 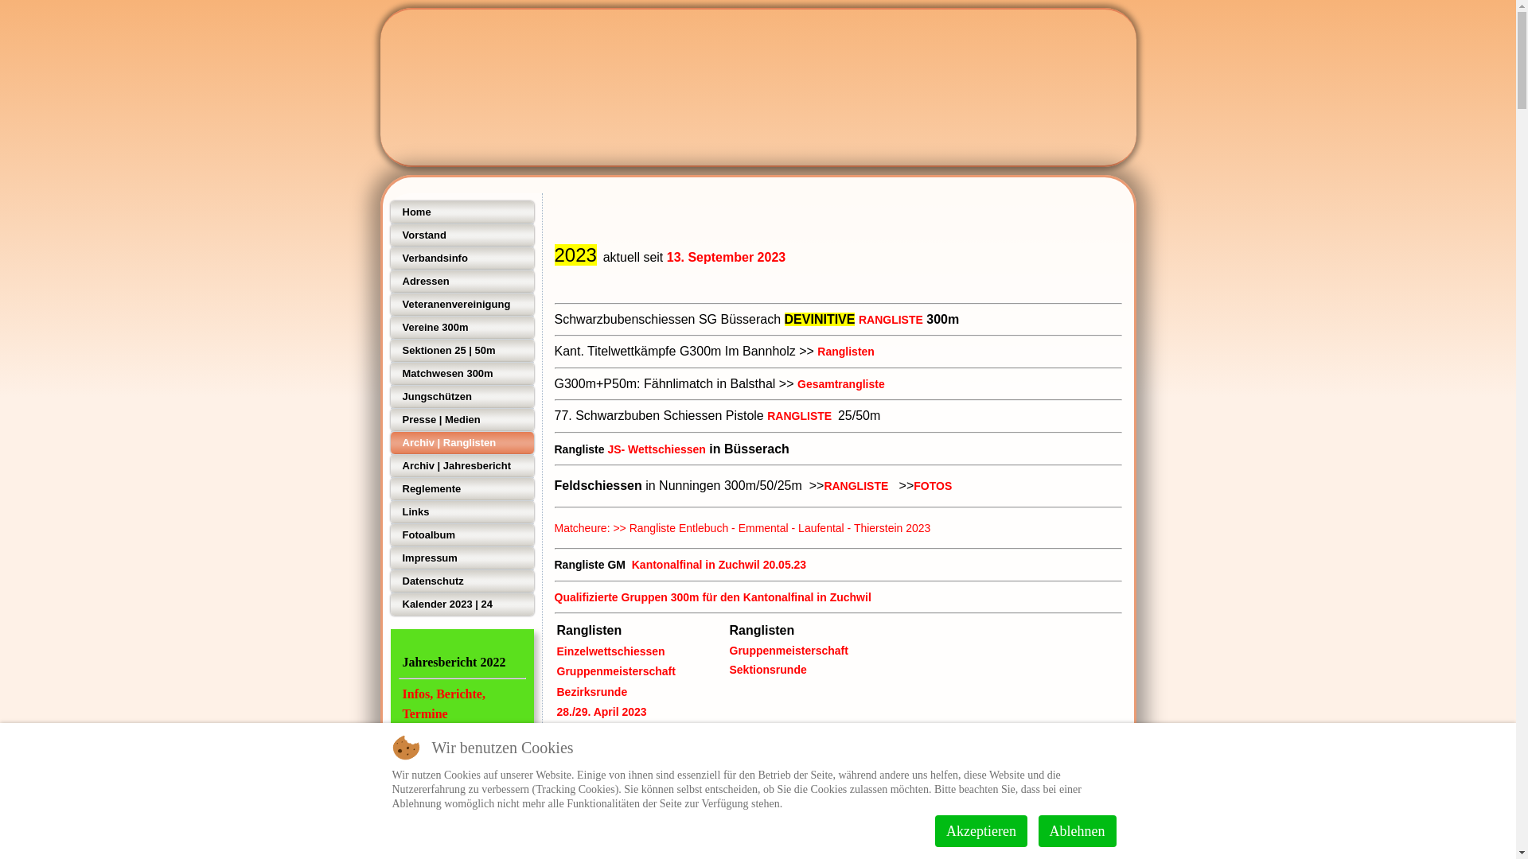 I want to click on 'RANGLISTE', so click(x=799, y=415).